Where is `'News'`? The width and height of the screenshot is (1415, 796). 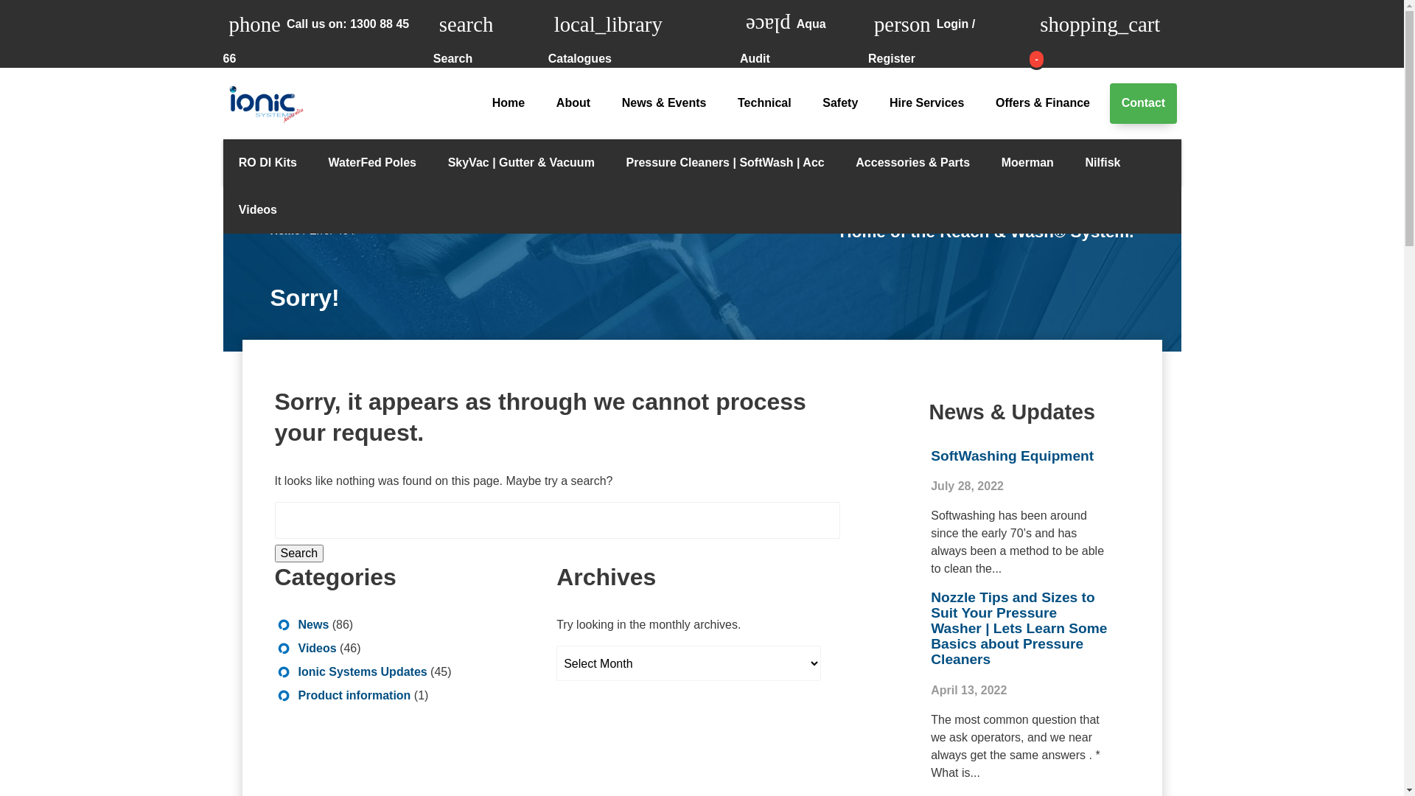
'News' is located at coordinates (296, 624).